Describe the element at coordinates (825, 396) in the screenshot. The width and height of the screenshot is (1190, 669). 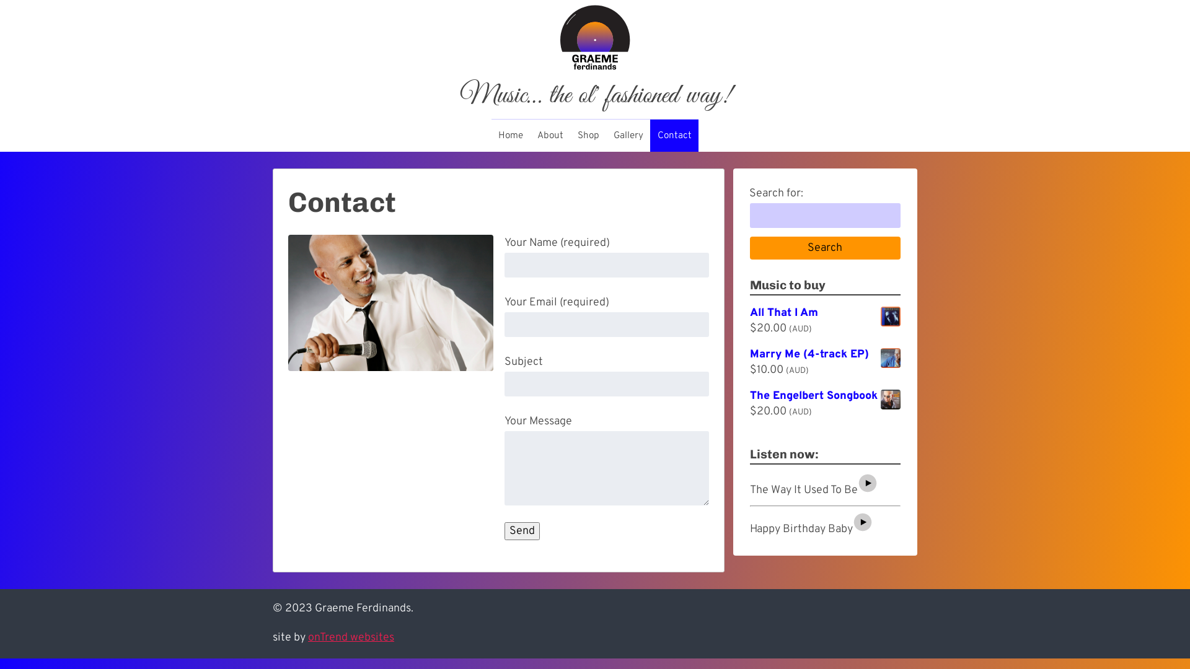
I see `'The Engelbert Songbook'` at that location.